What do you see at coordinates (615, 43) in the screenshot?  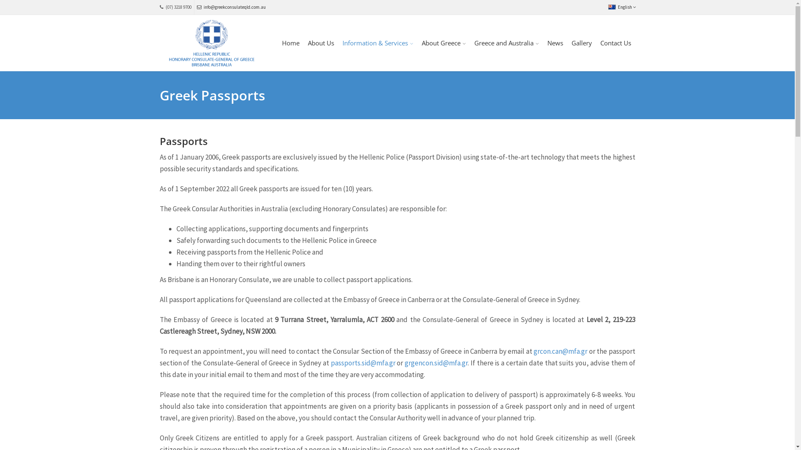 I see `'Contact Us'` at bounding box center [615, 43].